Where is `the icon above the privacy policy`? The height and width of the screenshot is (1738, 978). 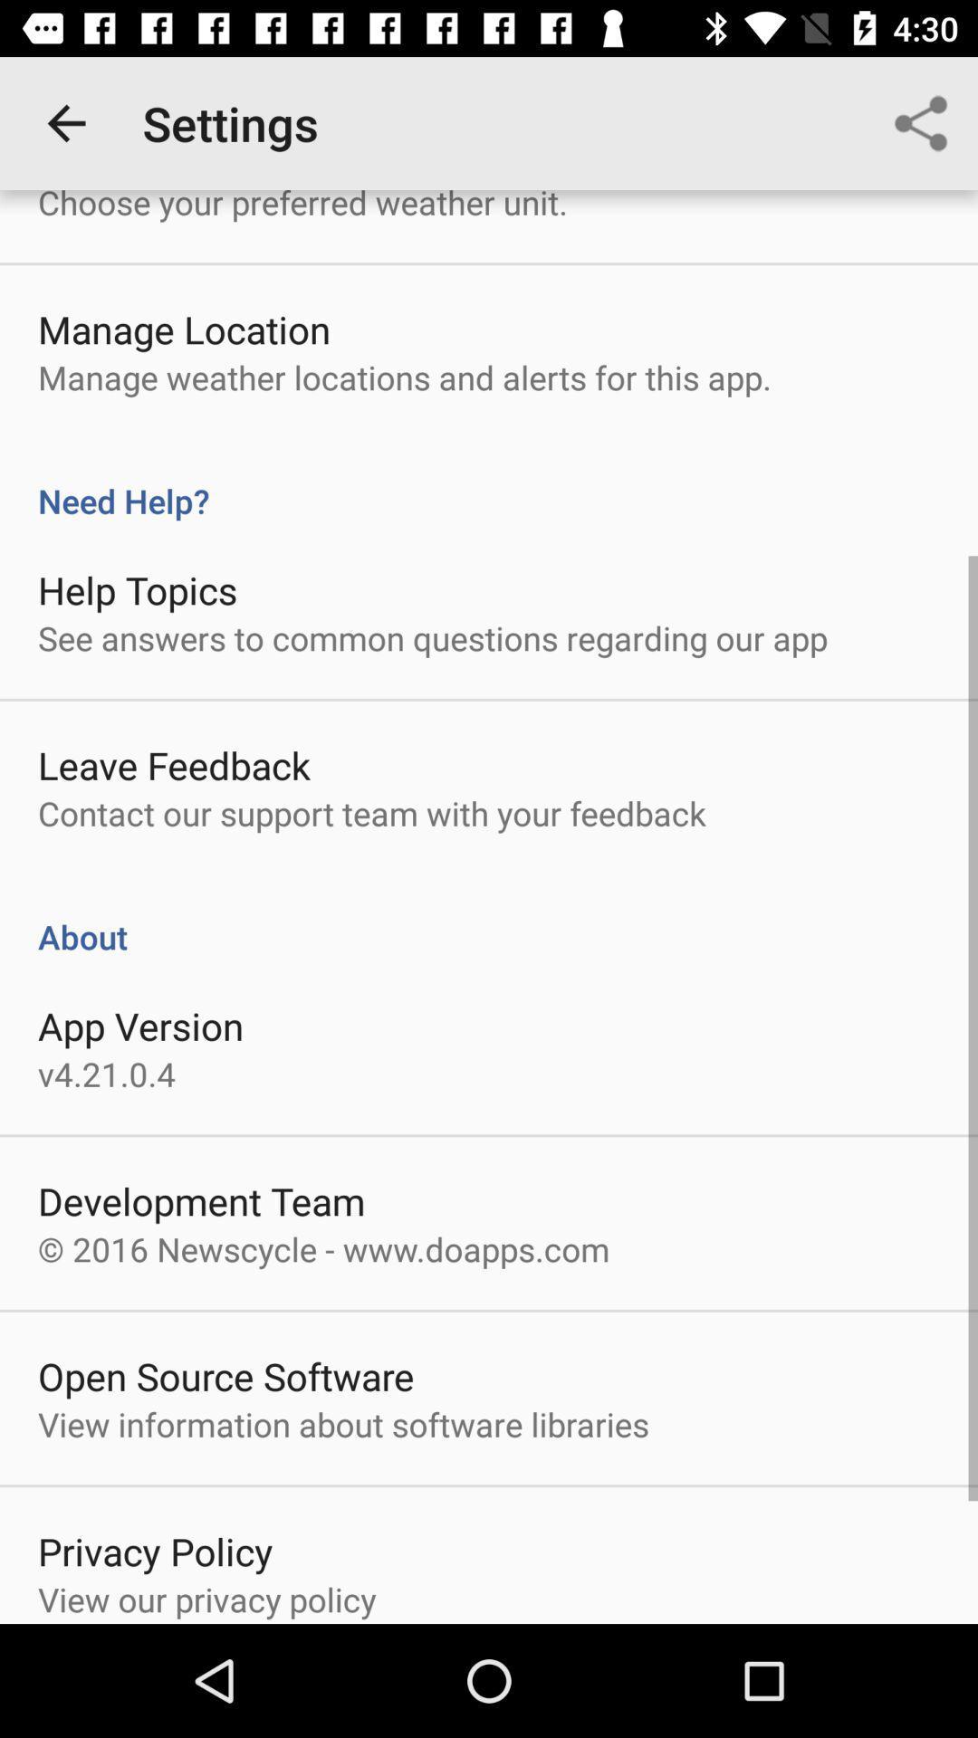 the icon above the privacy policy is located at coordinates (343, 1423).